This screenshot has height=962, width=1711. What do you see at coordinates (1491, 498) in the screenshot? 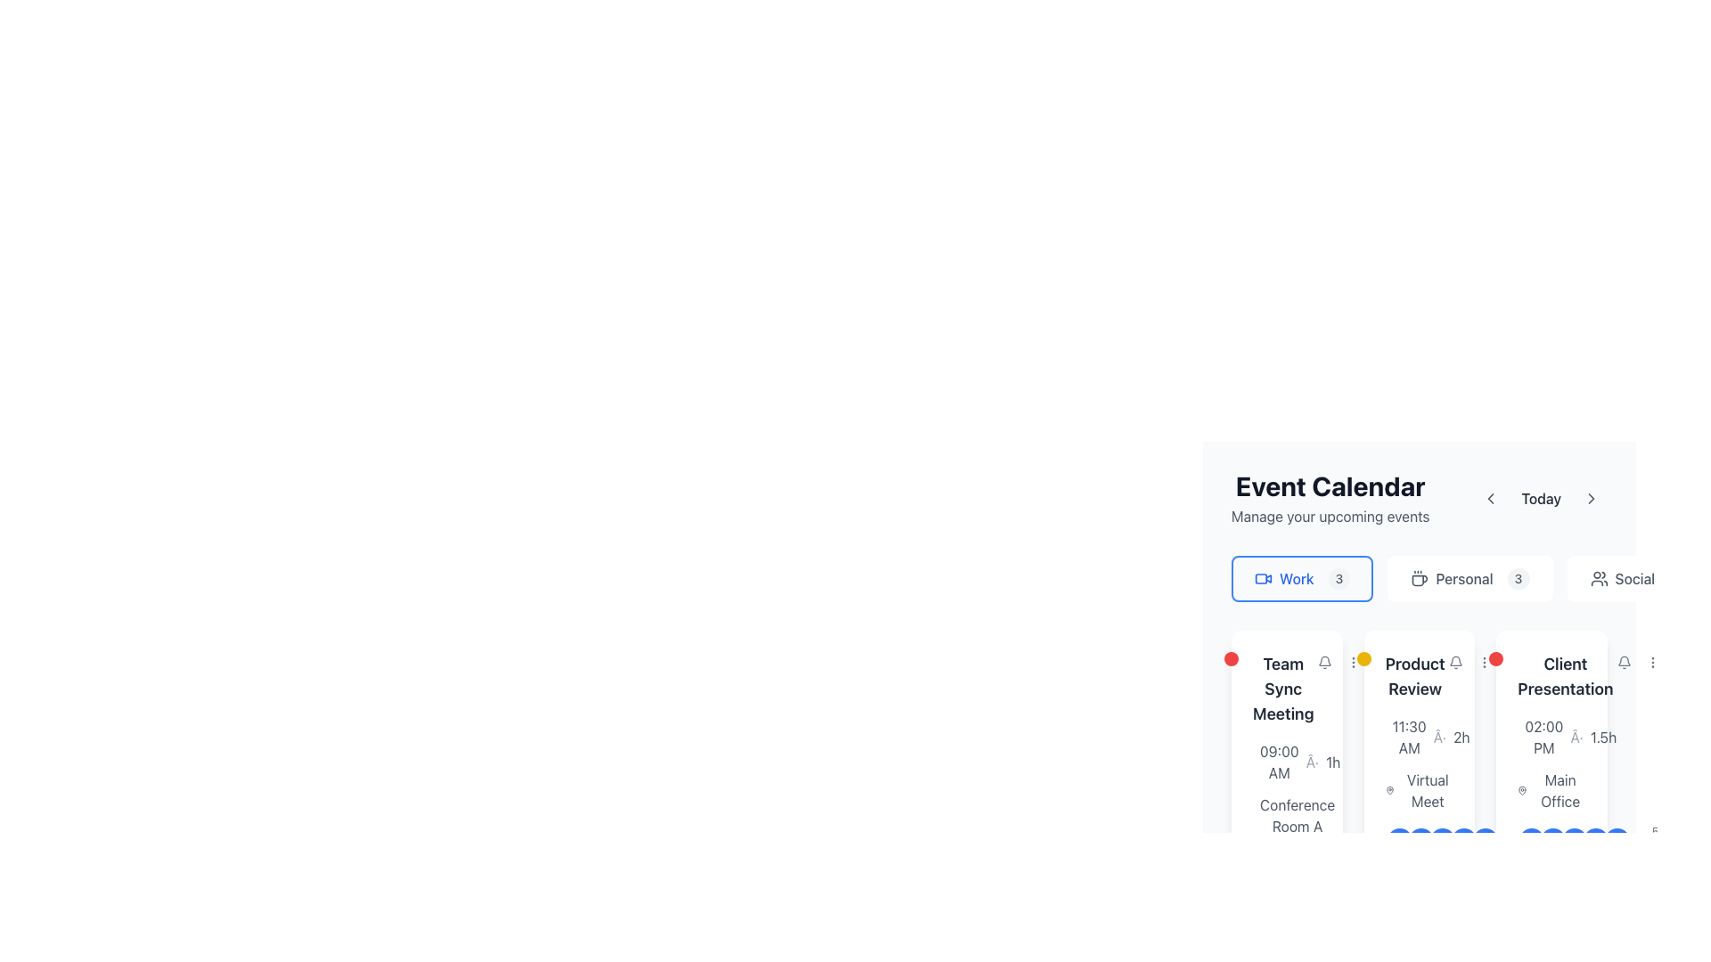
I see `the Chevron Left icon in the Event Calendar header` at bounding box center [1491, 498].